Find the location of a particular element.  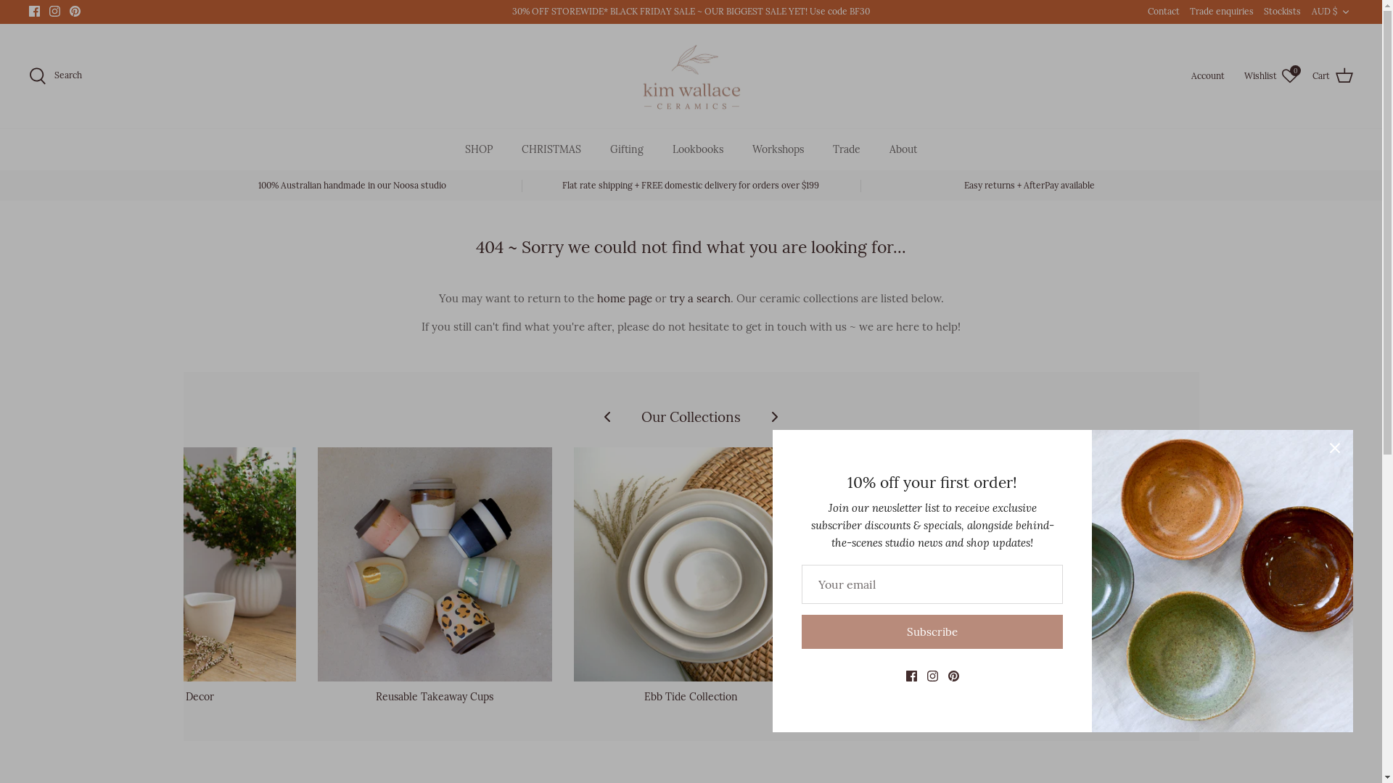

'Subscribe' is located at coordinates (932, 631).